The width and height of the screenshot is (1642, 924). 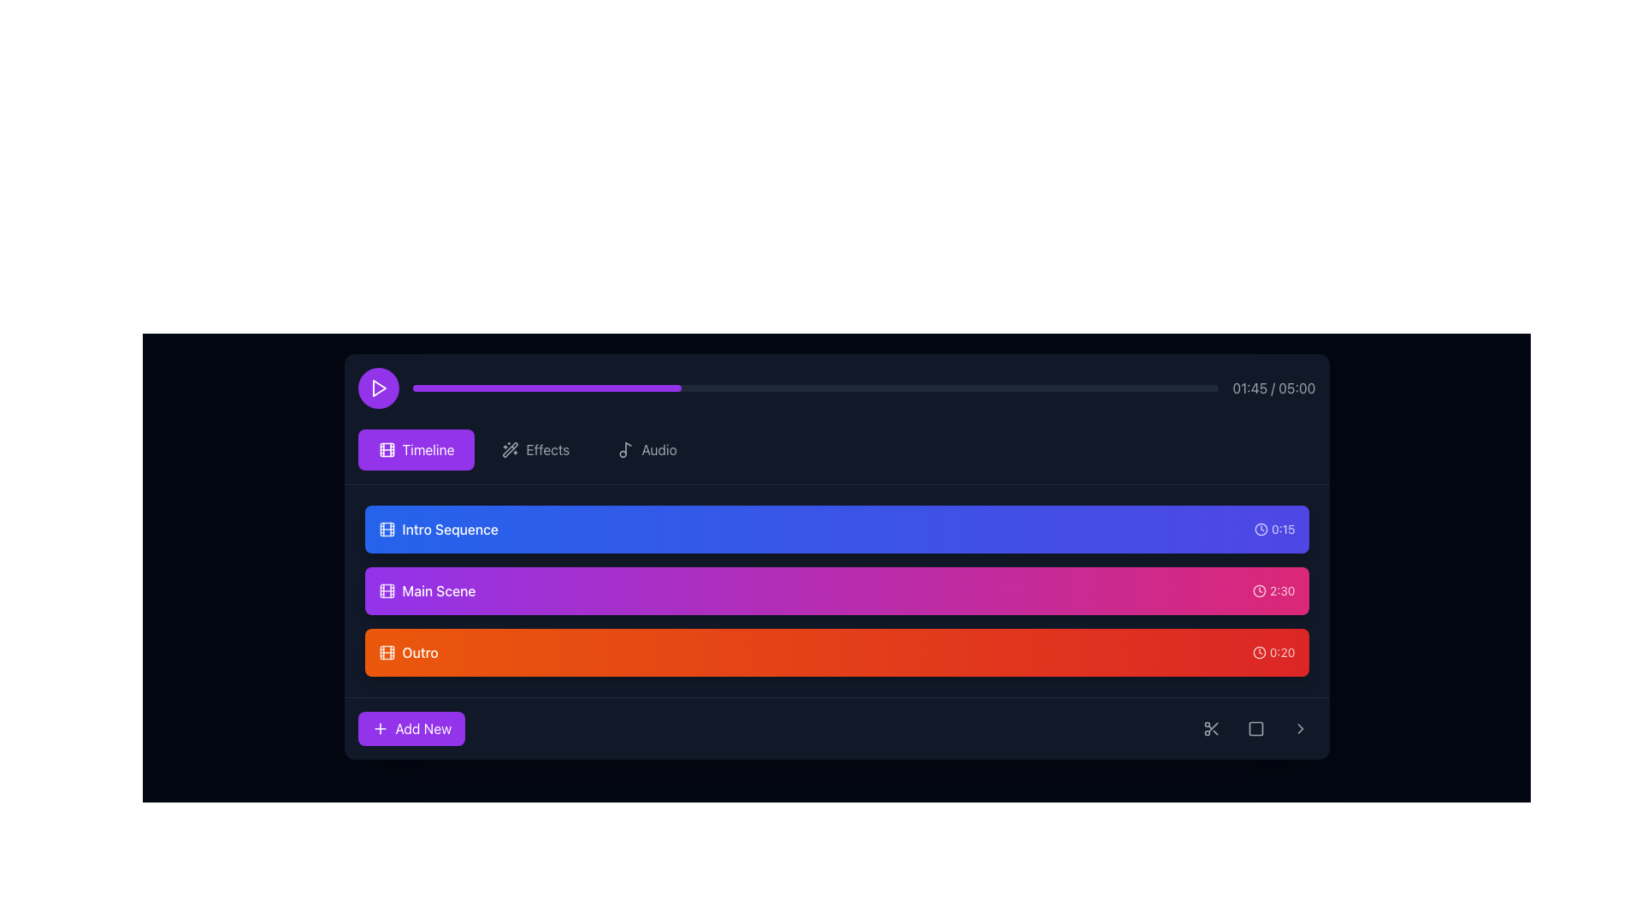 What do you see at coordinates (1300, 729) in the screenshot?
I see `the right-pointing chevron icon located in the bottom-right section of the interface` at bounding box center [1300, 729].